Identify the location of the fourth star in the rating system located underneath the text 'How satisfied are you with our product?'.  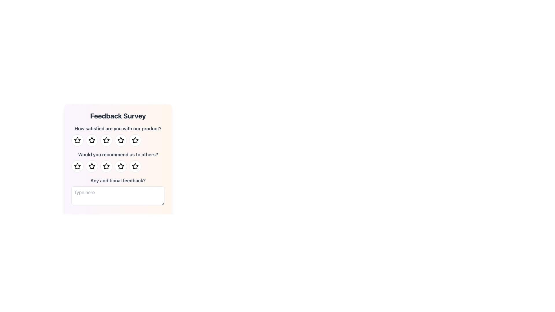
(118, 140).